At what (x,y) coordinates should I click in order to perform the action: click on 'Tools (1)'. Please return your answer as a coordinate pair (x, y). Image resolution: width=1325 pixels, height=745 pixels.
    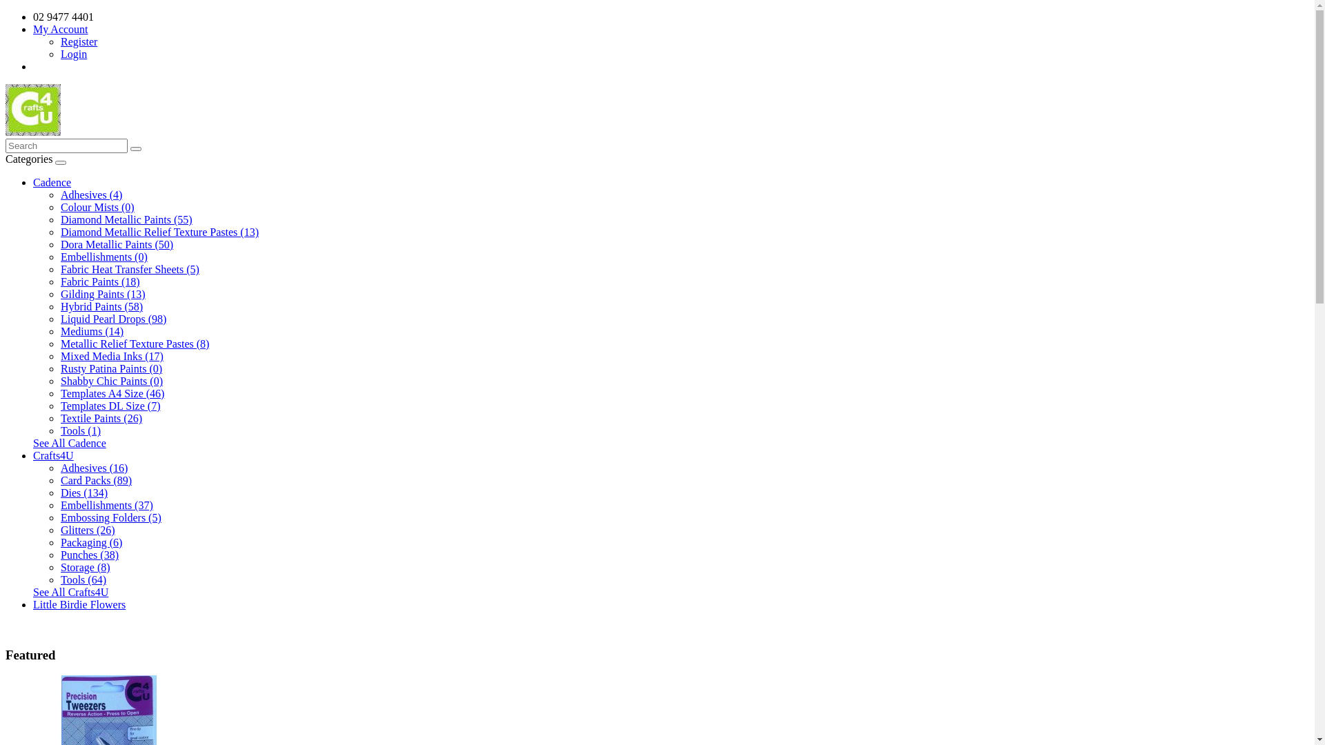
    Looking at the image, I should click on (59, 430).